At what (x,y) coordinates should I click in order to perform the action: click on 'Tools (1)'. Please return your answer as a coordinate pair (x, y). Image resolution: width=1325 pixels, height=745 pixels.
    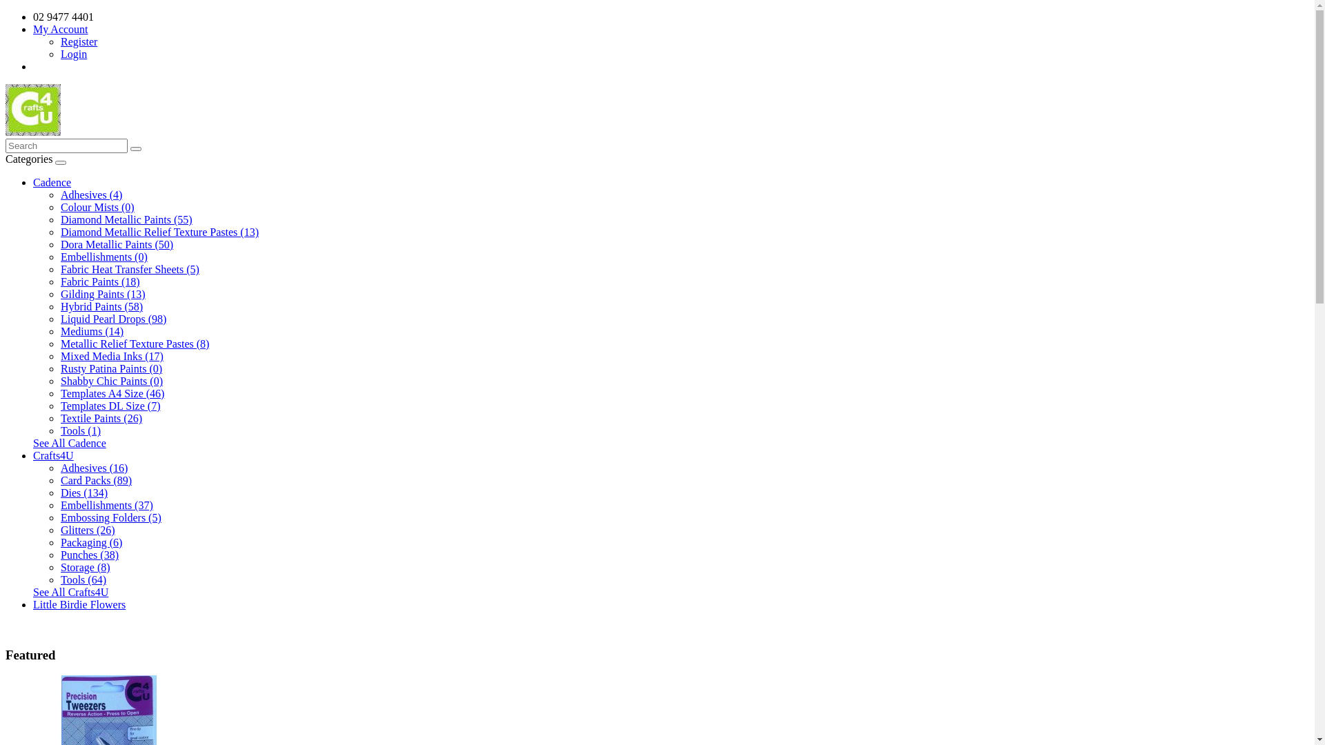
    Looking at the image, I should click on (59, 430).